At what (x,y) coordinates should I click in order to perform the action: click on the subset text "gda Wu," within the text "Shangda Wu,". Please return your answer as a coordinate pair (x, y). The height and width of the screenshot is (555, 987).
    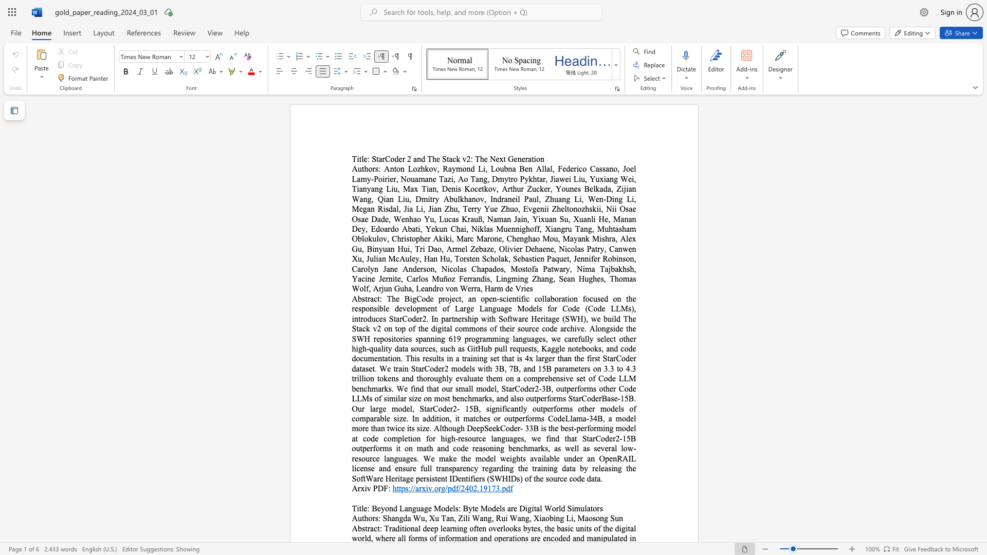
    Looking at the image, I should click on (398, 518).